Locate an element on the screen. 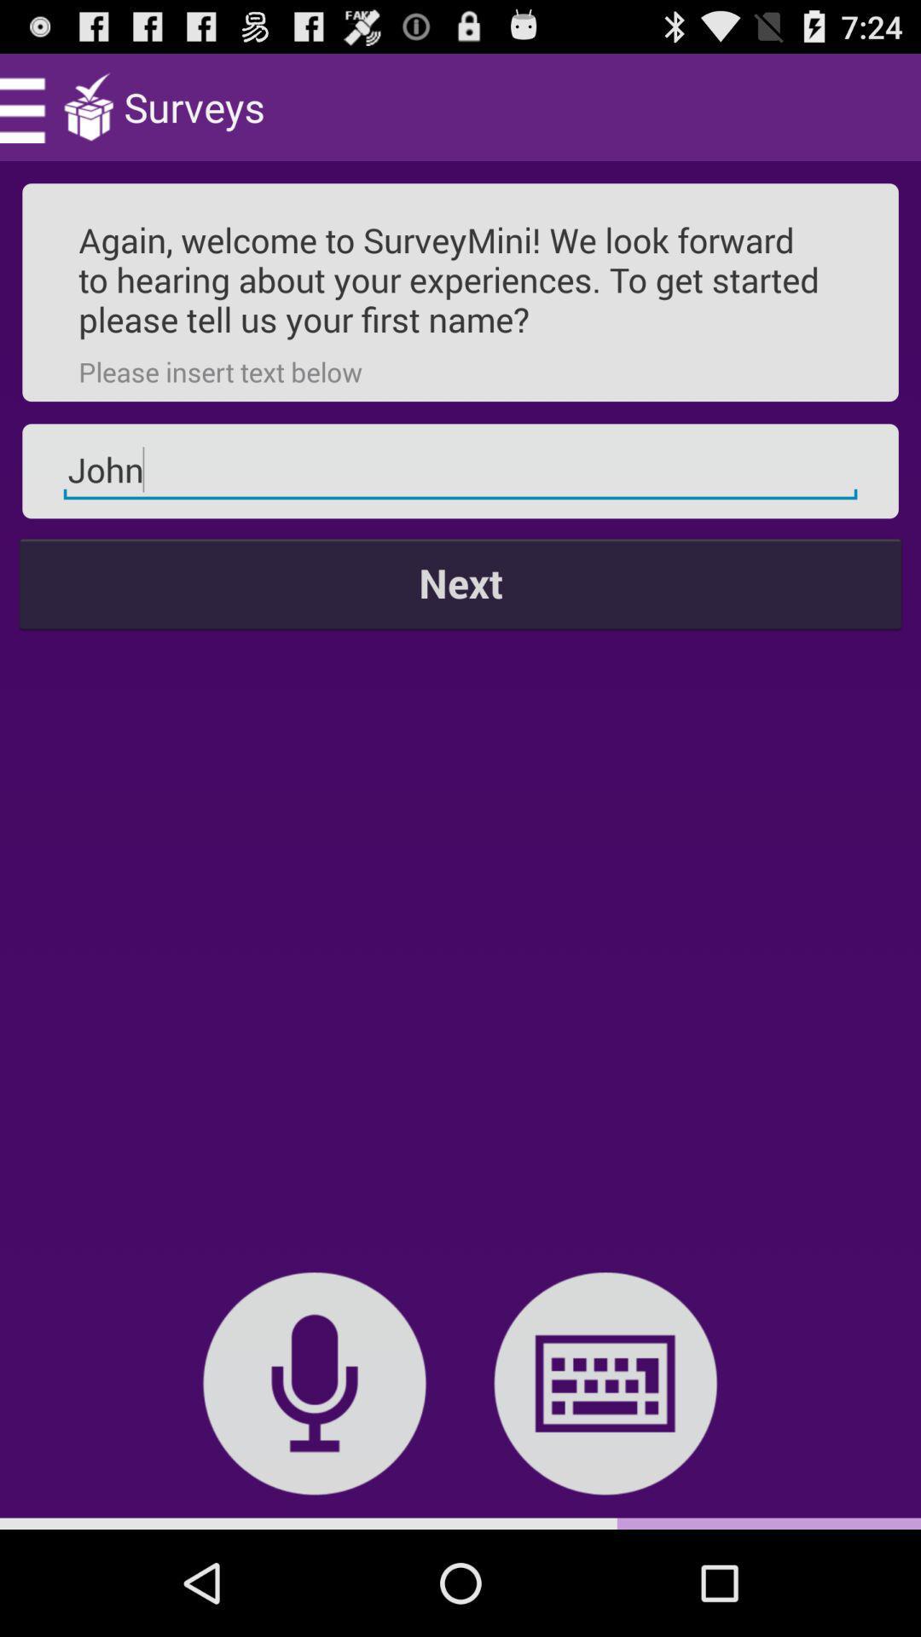  the john item is located at coordinates (460, 471).